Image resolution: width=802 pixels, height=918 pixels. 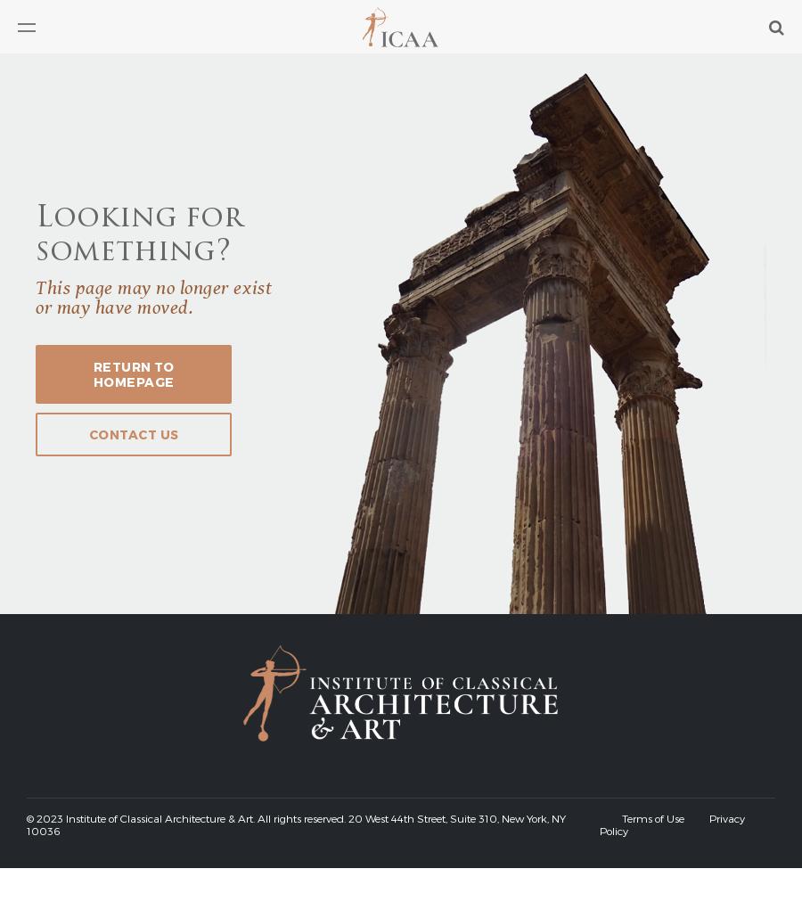 What do you see at coordinates (37, 216) in the screenshot?
I see `'Travel'` at bounding box center [37, 216].